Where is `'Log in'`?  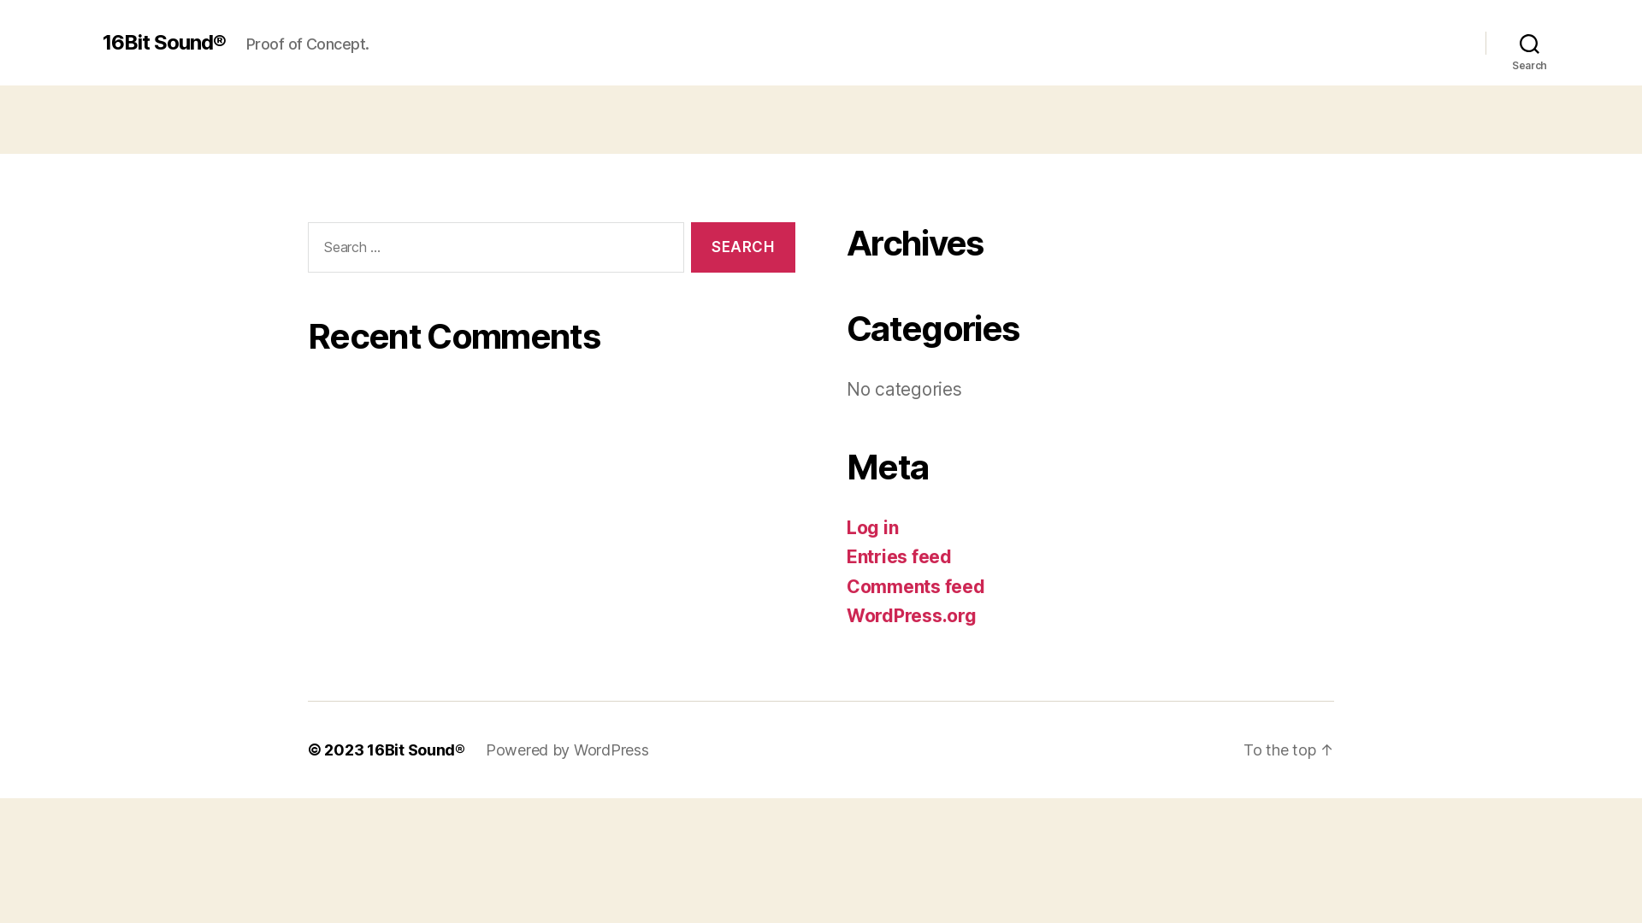 'Log in' is located at coordinates (871, 526).